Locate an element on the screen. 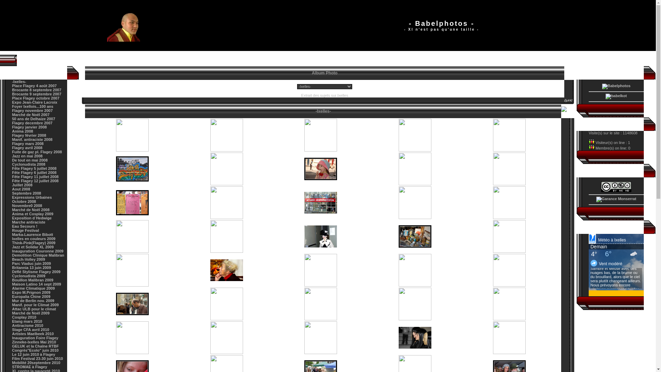 The image size is (661, 372). 'Fuite de gaz pl. Flagey 2008' is located at coordinates (36, 151).